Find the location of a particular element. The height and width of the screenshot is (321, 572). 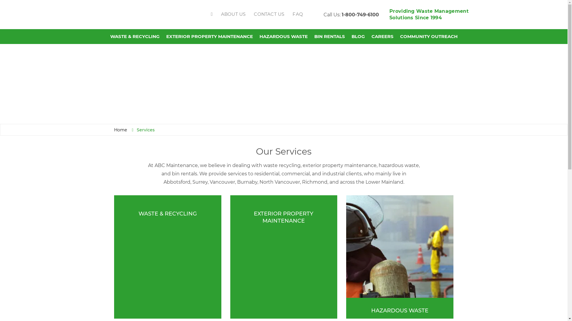

'WASTE & RECYCLING' is located at coordinates (110, 37).